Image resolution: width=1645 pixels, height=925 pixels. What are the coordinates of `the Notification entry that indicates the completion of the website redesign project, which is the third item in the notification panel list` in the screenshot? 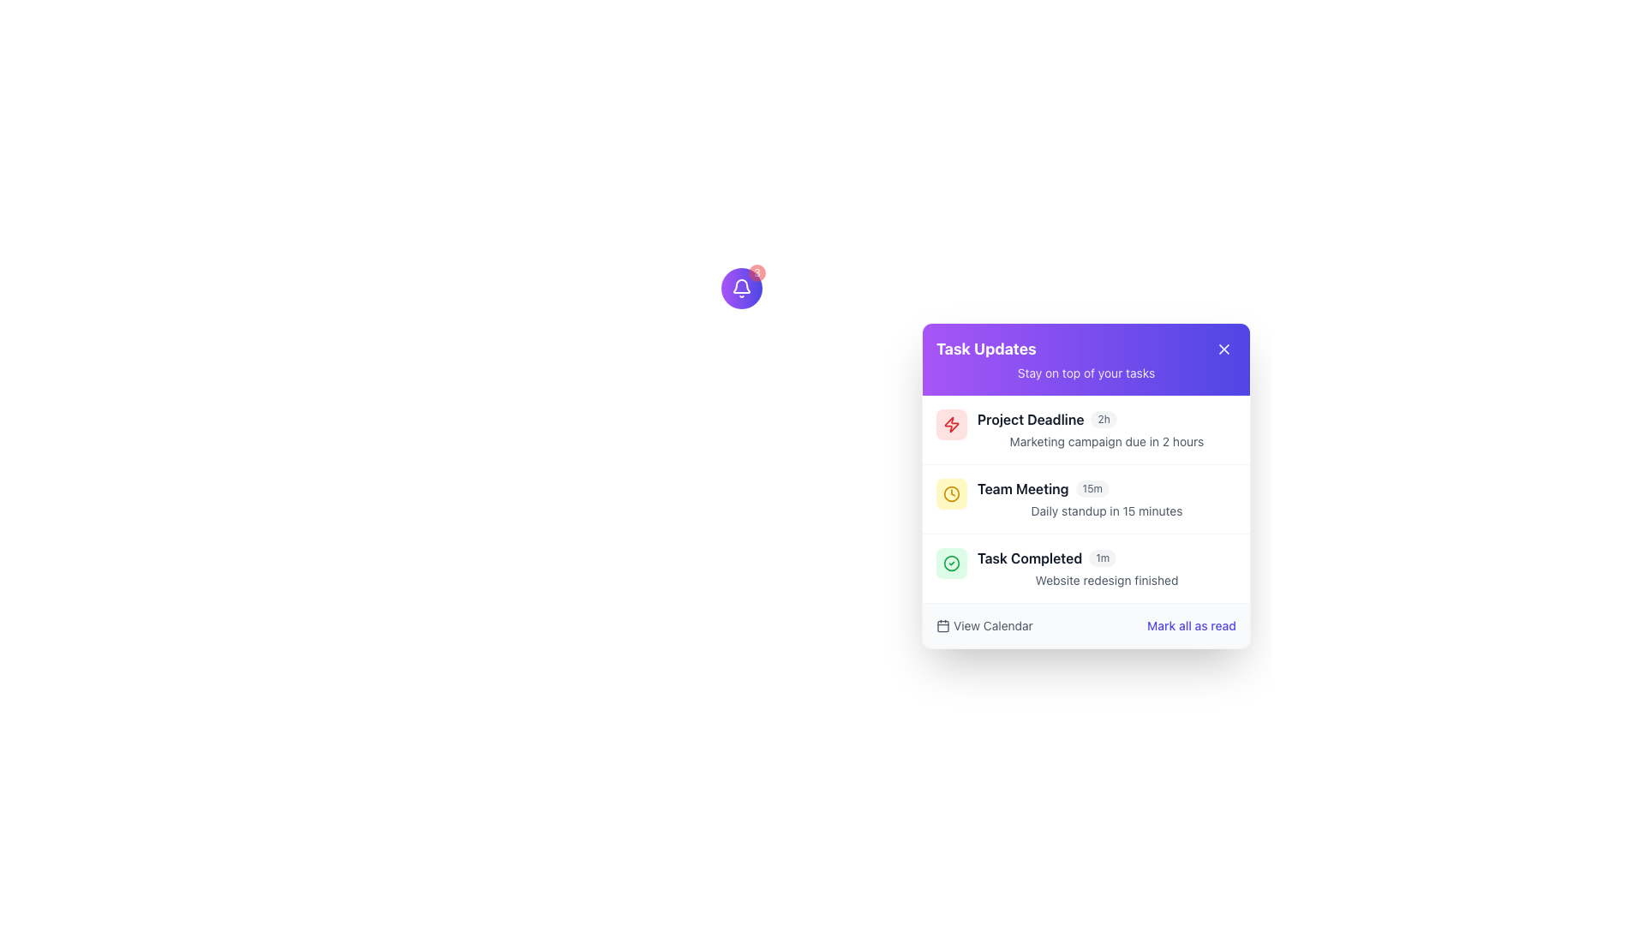 It's located at (1085, 568).